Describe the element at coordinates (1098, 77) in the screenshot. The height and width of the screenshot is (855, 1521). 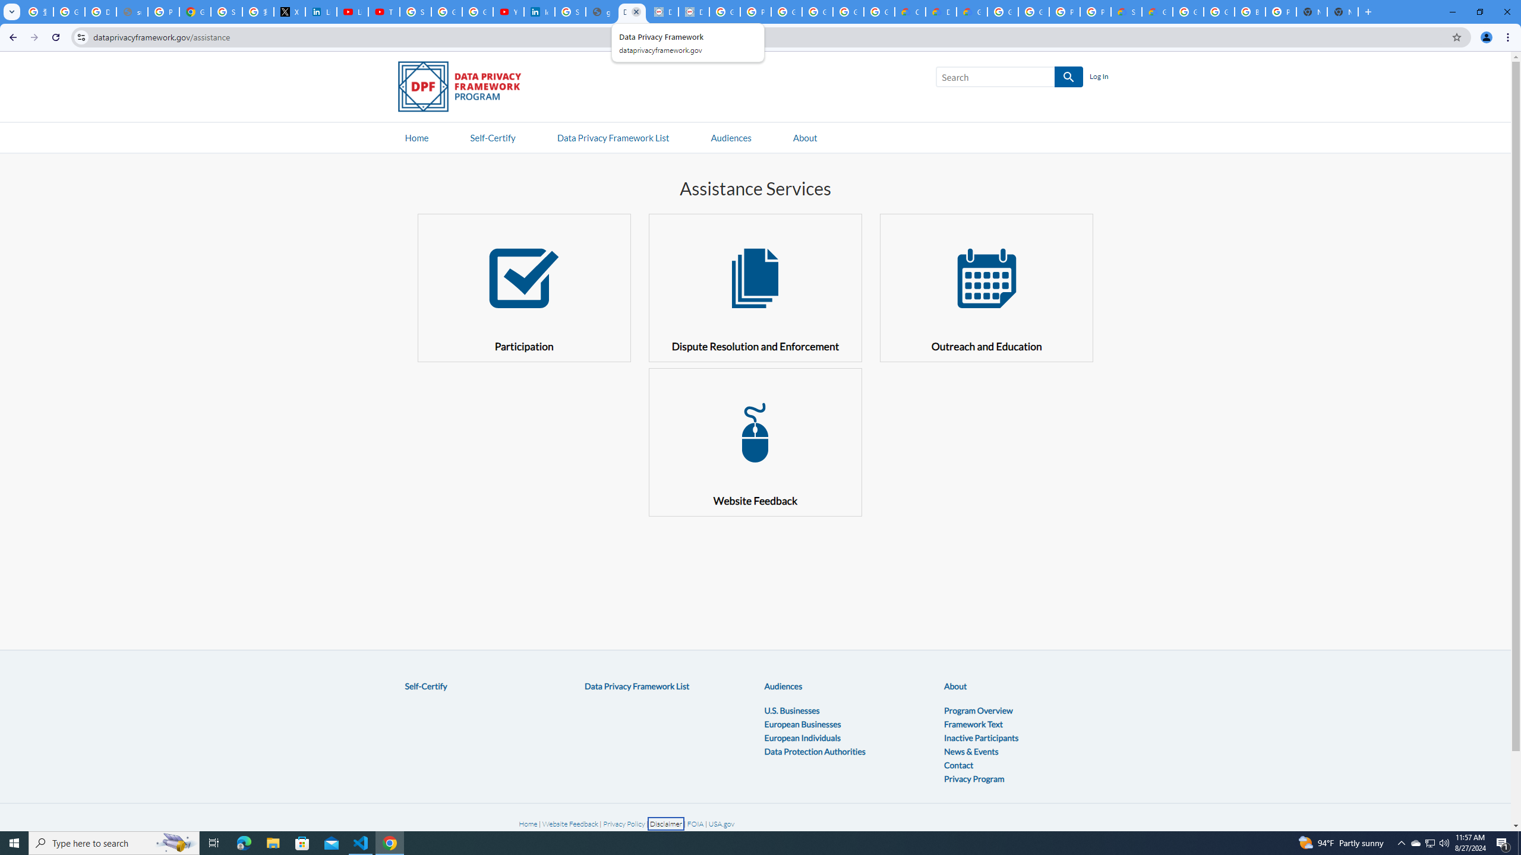
I see `'Log In'` at that location.